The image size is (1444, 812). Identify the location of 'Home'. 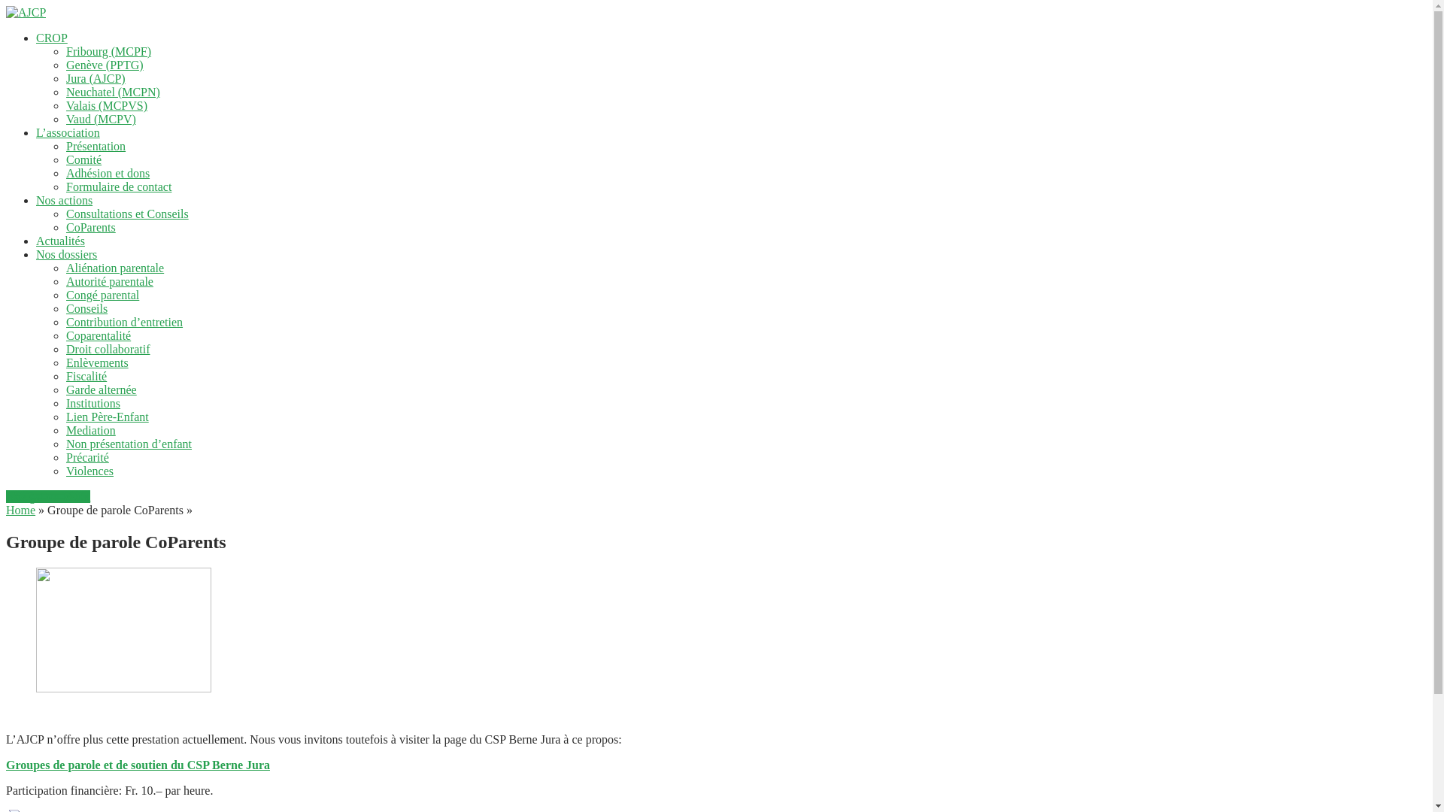
(20, 509).